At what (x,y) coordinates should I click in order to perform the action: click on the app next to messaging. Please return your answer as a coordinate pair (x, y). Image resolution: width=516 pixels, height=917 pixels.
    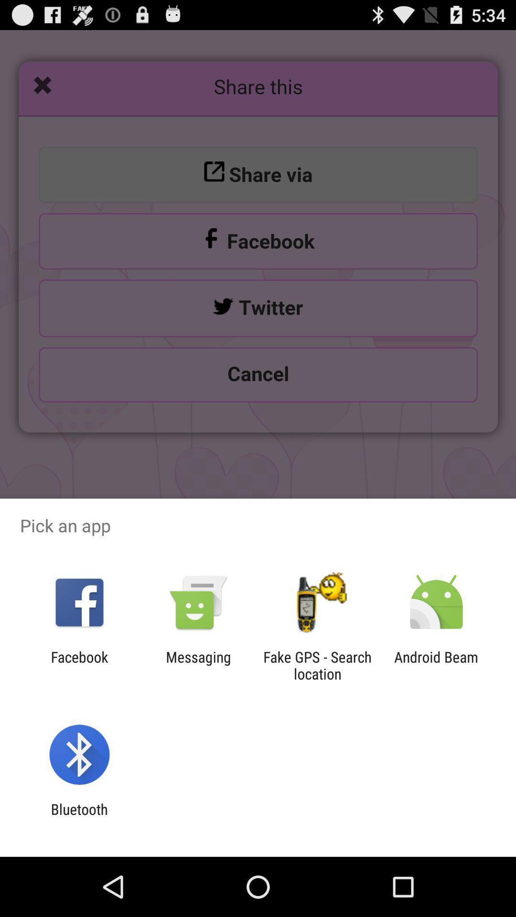
    Looking at the image, I should click on (317, 665).